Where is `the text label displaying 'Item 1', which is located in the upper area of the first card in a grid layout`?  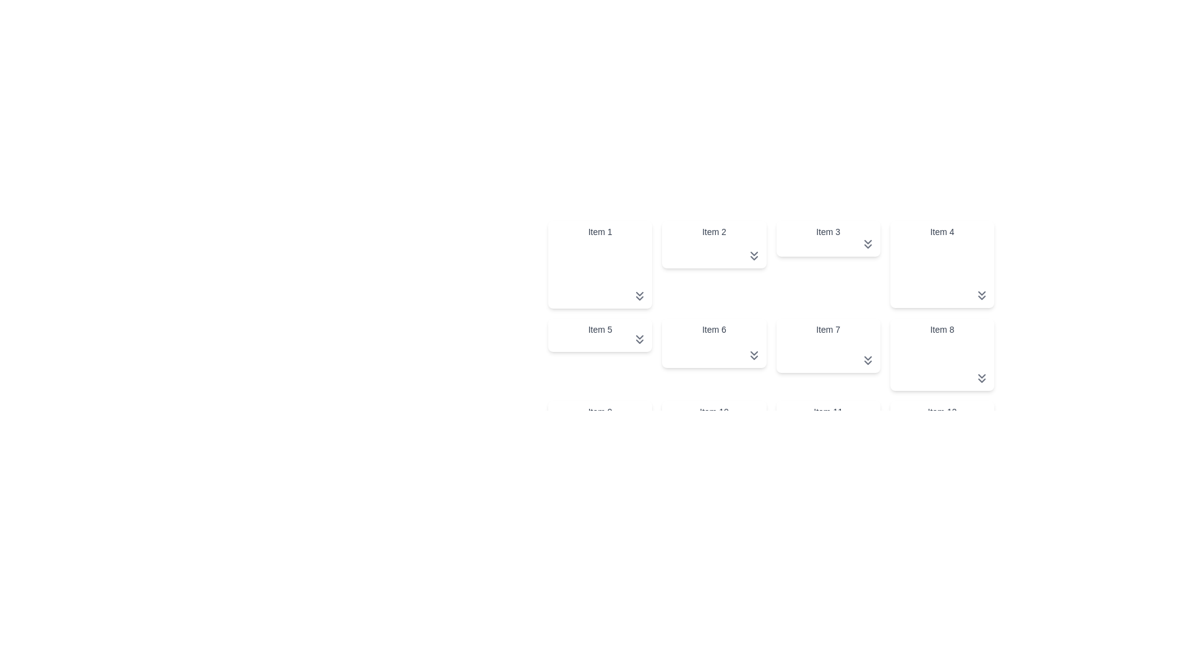
the text label displaying 'Item 1', which is located in the upper area of the first card in a grid layout is located at coordinates (600, 231).